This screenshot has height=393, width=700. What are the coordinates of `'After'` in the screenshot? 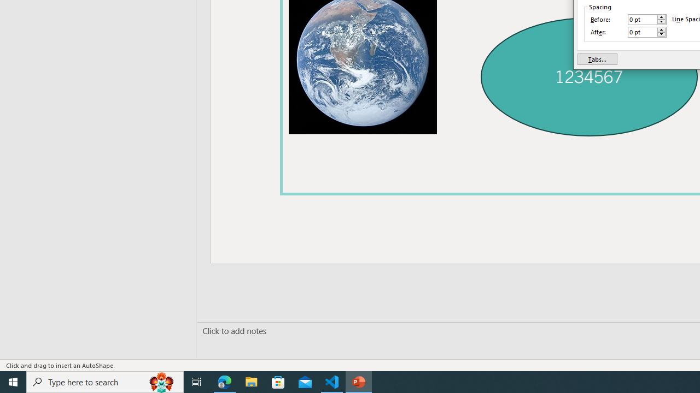 It's located at (647, 32).